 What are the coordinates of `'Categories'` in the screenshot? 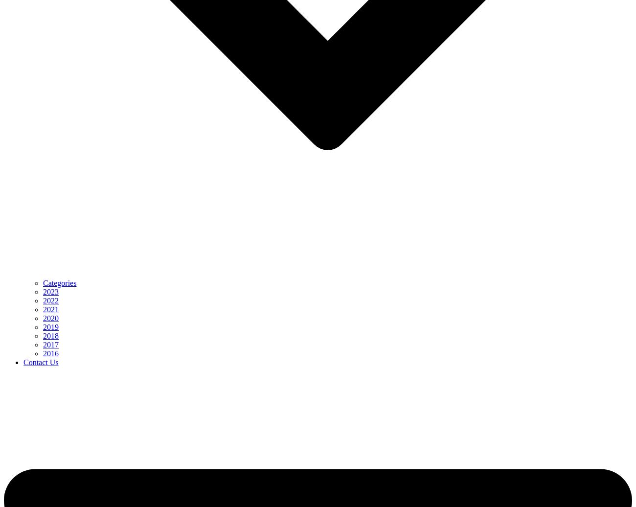 It's located at (59, 283).